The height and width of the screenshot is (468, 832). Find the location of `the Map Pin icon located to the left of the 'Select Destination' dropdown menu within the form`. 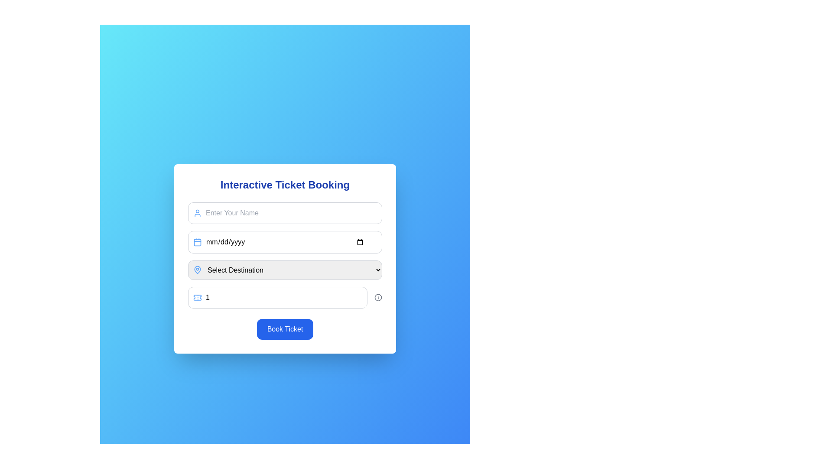

the Map Pin icon located to the left of the 'Select Destination' dropdown menu within the form is located at coordinates (197, 270).